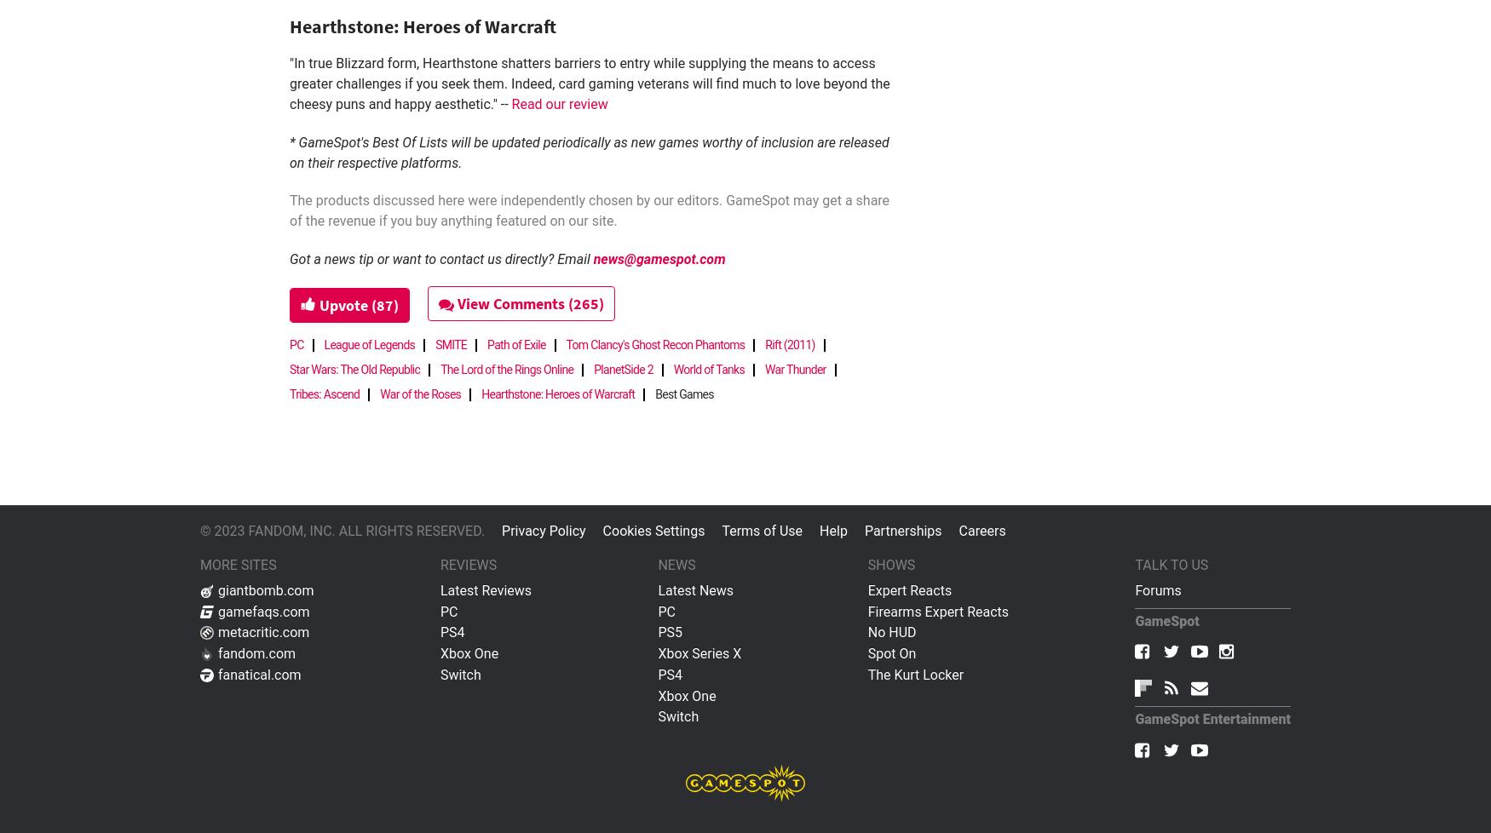 The width and height of the screenshot is (1491, 833). I want to click on '© 2023 FANDOM, INC. ALL RIGHTS RESERVED.', so click(200, 530).